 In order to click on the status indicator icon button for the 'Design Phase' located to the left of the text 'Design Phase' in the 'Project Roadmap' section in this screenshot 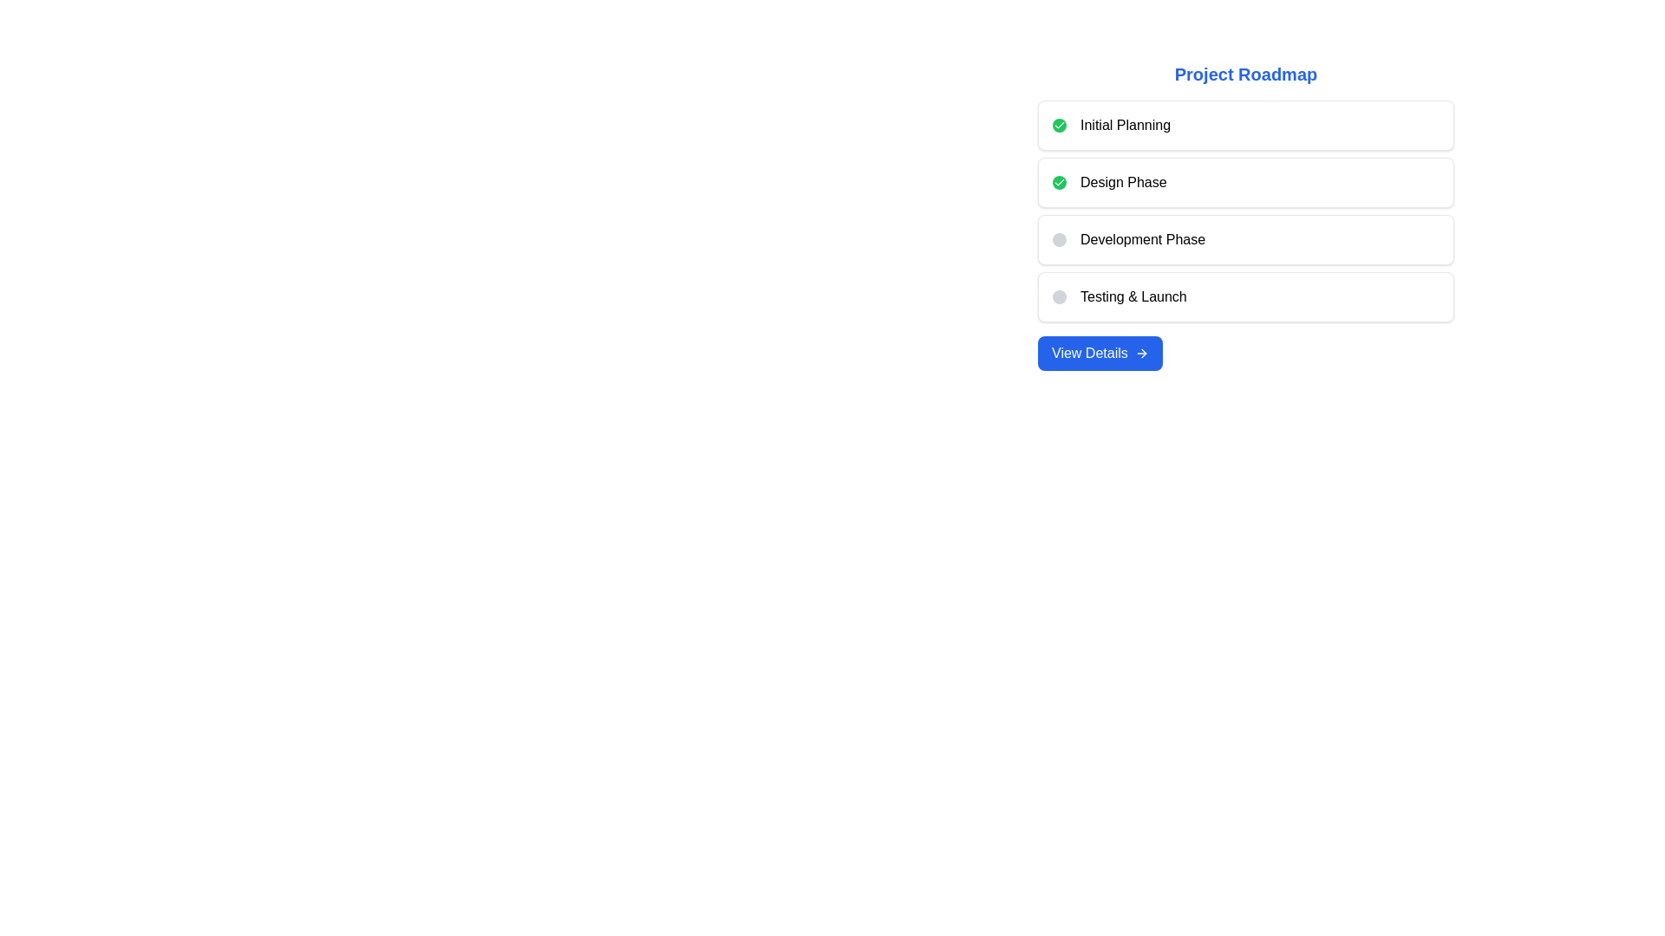, I will do `click(1059, 183)`.